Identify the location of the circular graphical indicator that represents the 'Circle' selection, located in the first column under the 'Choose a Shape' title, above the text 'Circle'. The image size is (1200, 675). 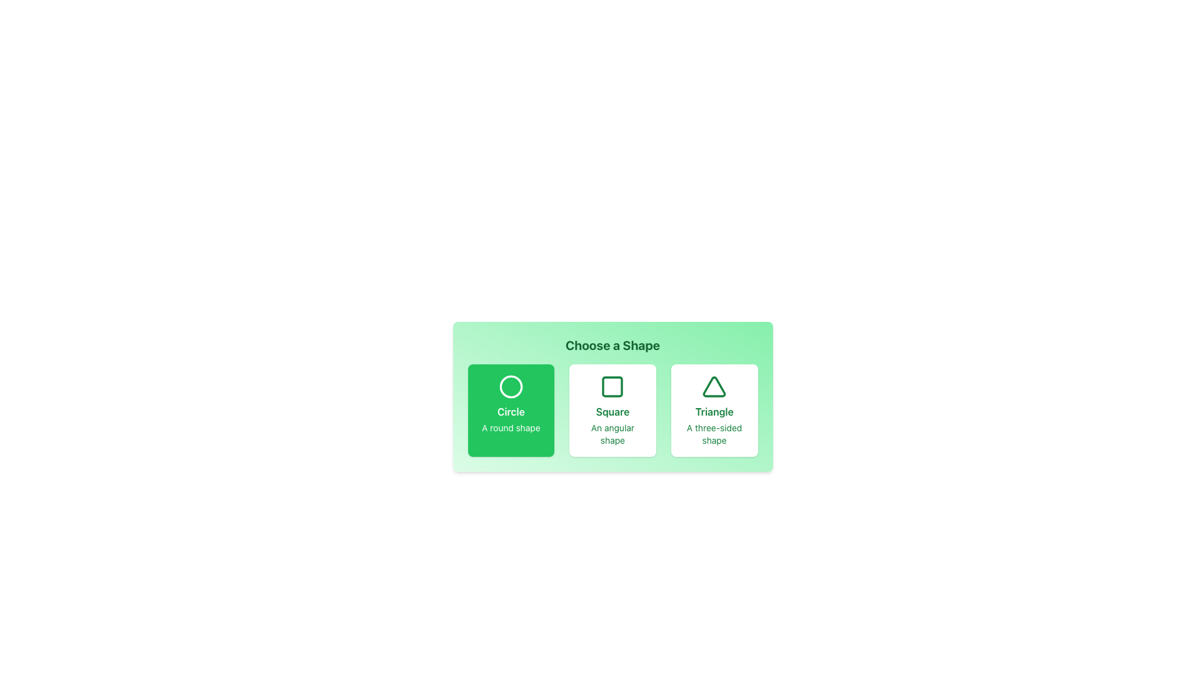
(511, 386).